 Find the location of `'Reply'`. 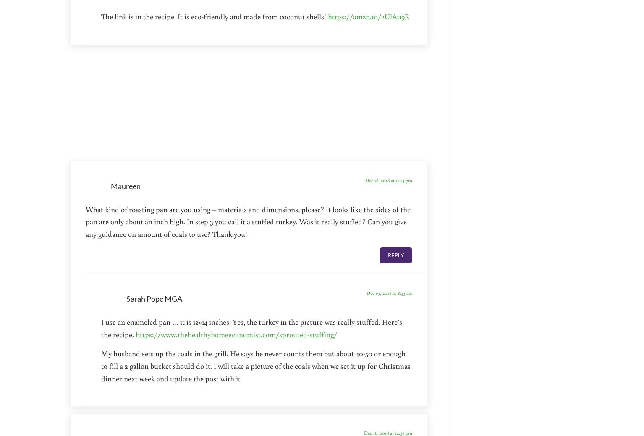

'Reply' is located at coordinates (395, 255).